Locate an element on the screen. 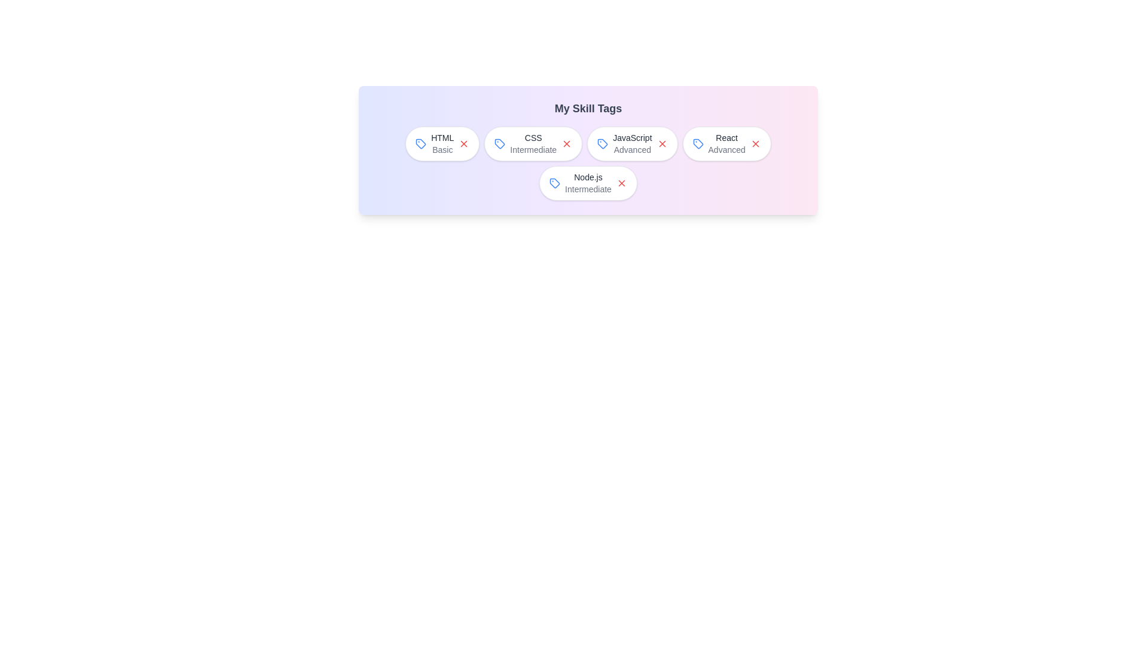 This screenshot has height=645, width=1148. the tag icon next to the skill CSS is located at coordinates (500, 143).